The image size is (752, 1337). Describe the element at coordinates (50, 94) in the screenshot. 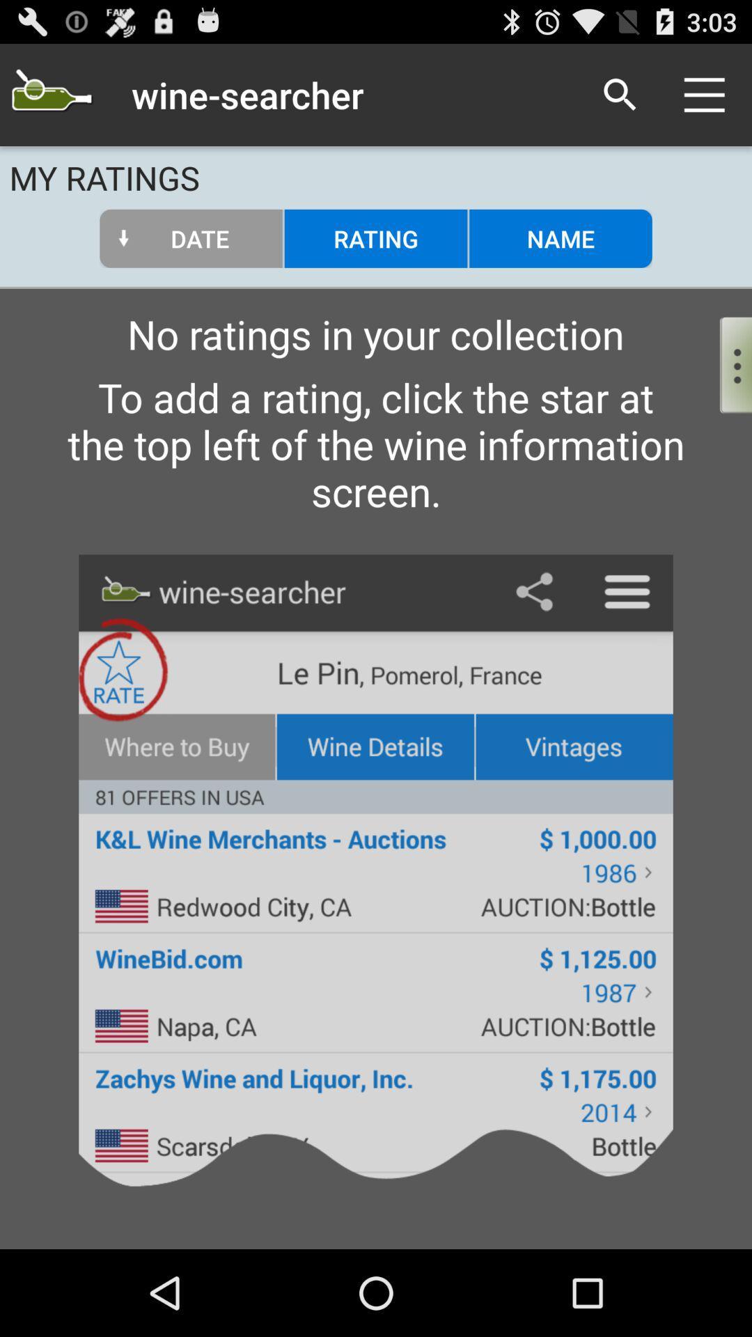

I see `go back` at that location.